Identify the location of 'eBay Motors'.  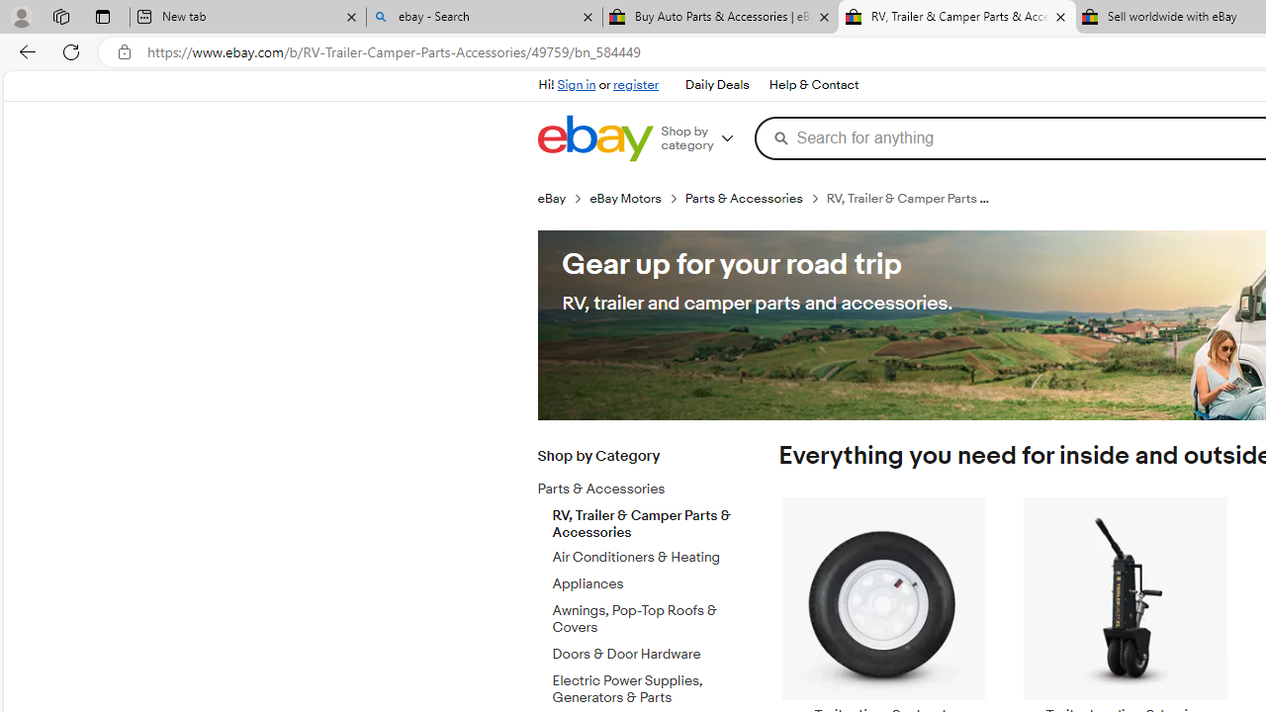
(637, 198).